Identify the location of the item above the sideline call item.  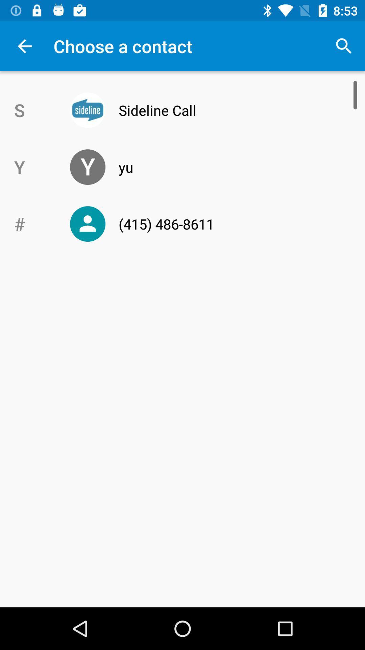
(344, 46).